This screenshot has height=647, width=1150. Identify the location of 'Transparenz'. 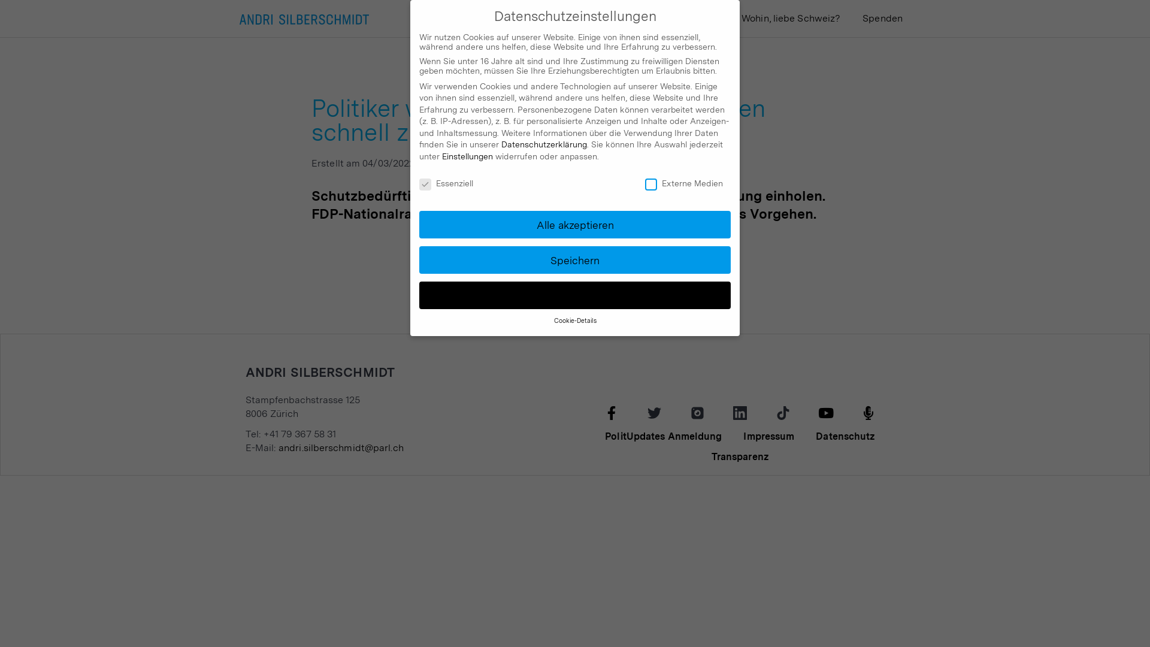
(740, 457).